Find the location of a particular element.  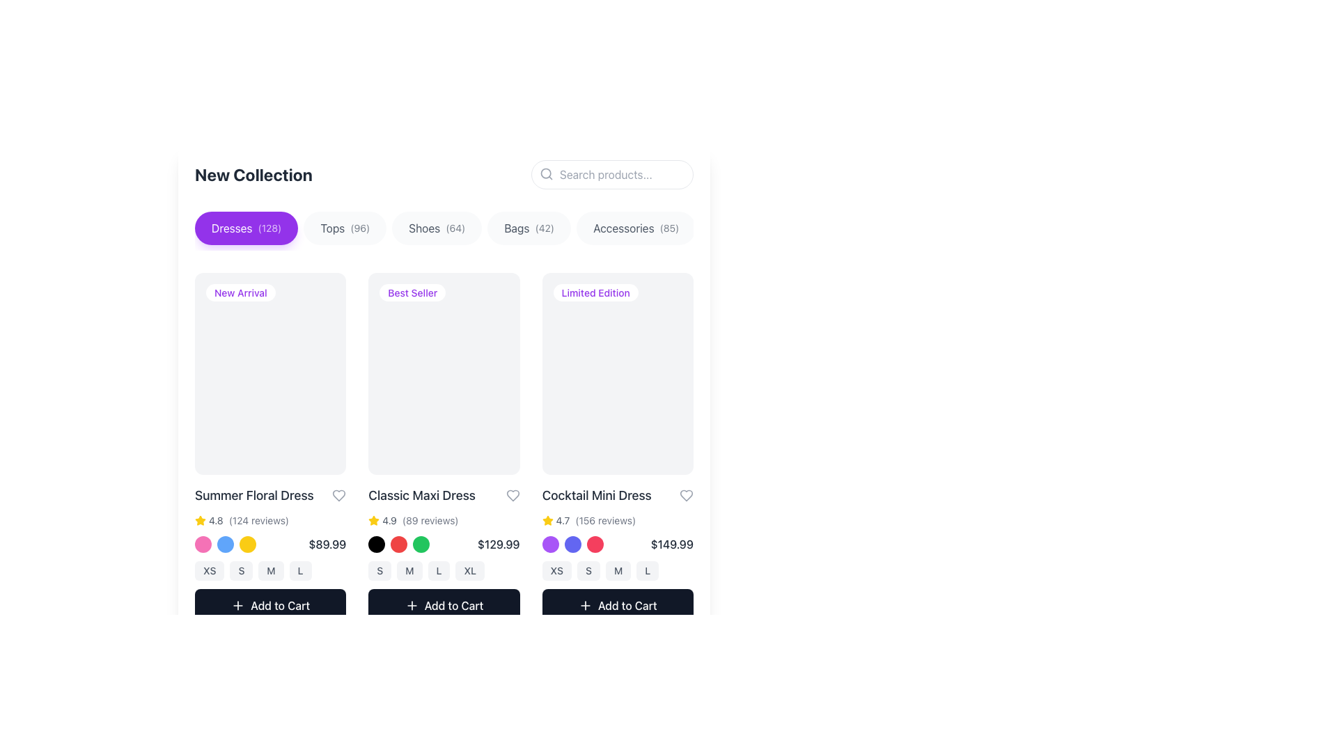

the 'Best Seller' label located in the 'Classic Maxi Dress' card, which is the second product card from the left in a horizontal row display, positioned near the upper region of the card and directly below the 'Dresses' category selector is located at coordinates (412, 292).